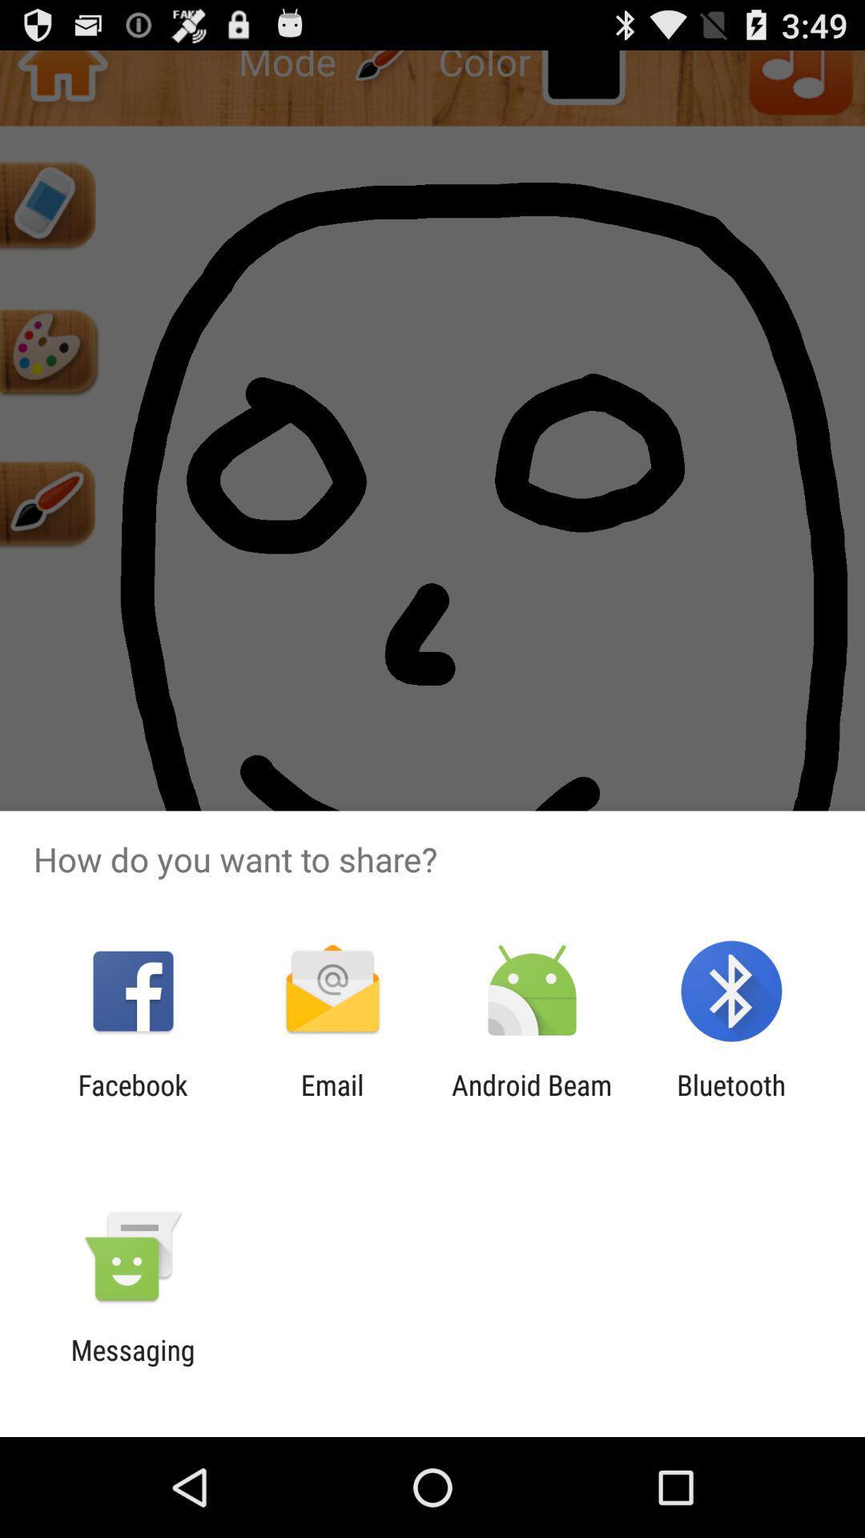 The image size is (865, 1538). Describe the element at coordinates (132, 1366) in the screenshot. I see `the messaging item` at that location.